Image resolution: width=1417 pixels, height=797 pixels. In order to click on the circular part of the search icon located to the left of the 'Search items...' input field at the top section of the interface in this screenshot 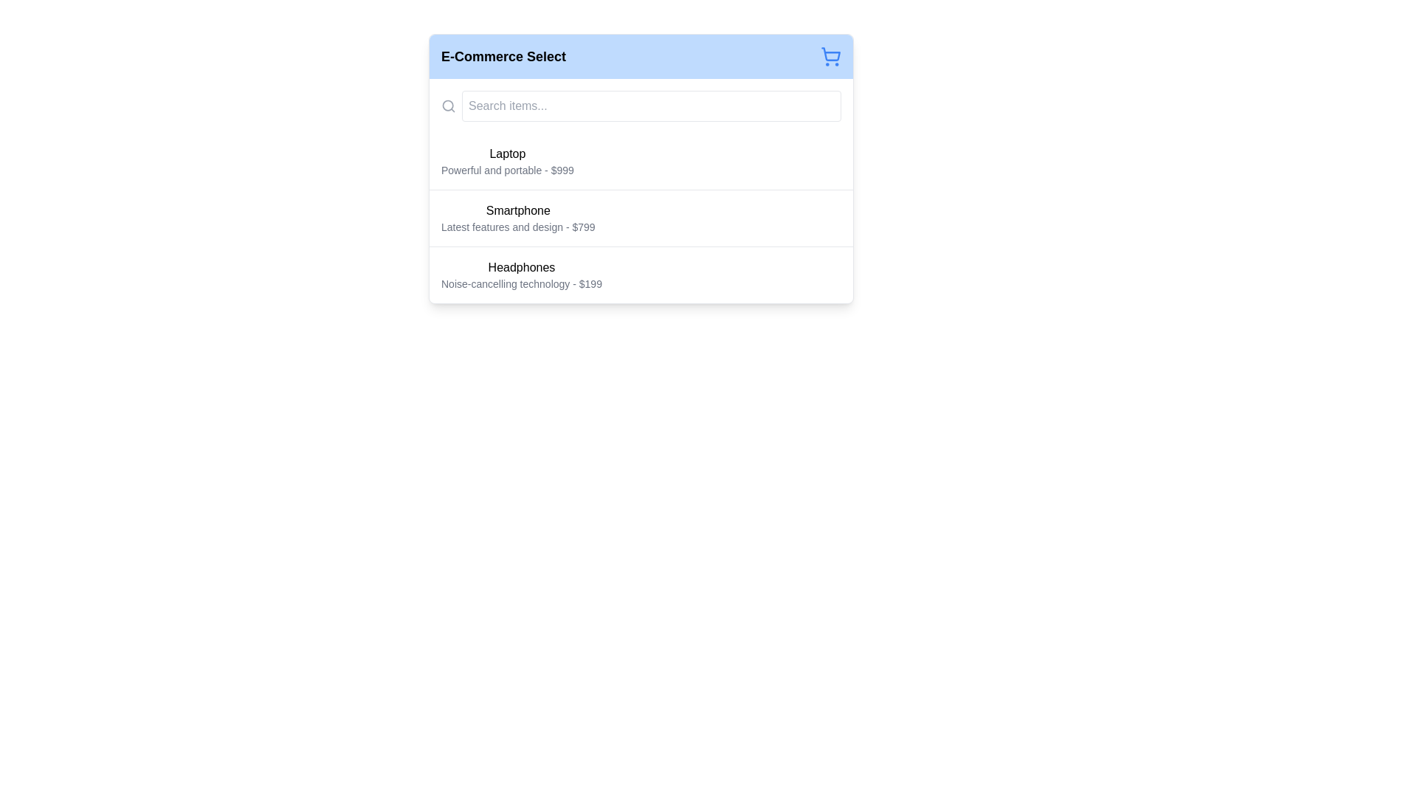, I will do `click(447, 105)`.